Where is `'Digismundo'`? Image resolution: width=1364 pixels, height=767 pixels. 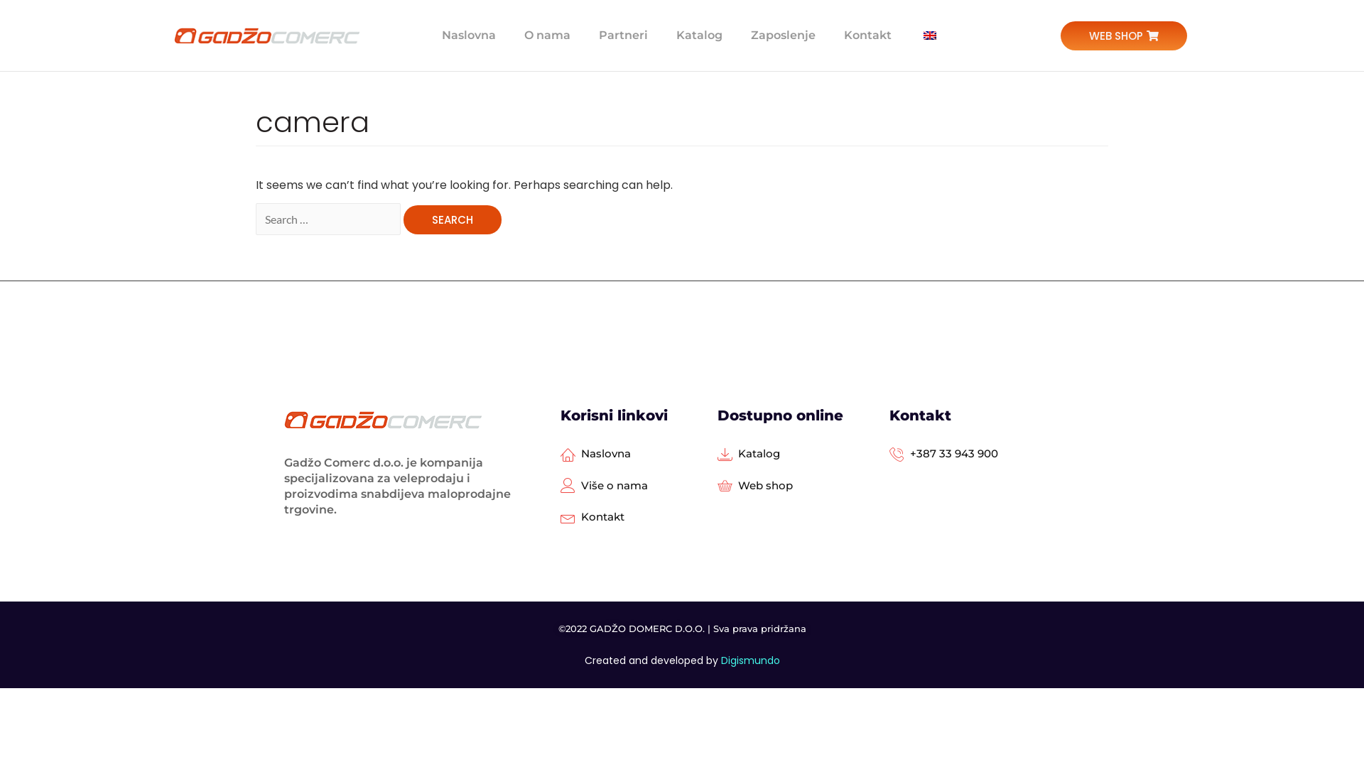 'Digismundo' is located at coordinates (749, 660).